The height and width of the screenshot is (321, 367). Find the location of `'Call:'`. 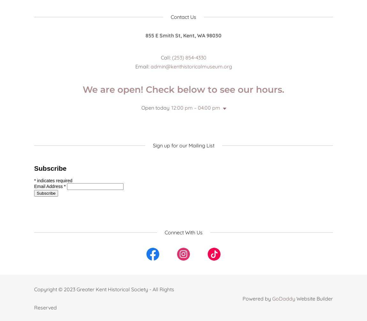

'Call:' is located at coordinates (166, 57).